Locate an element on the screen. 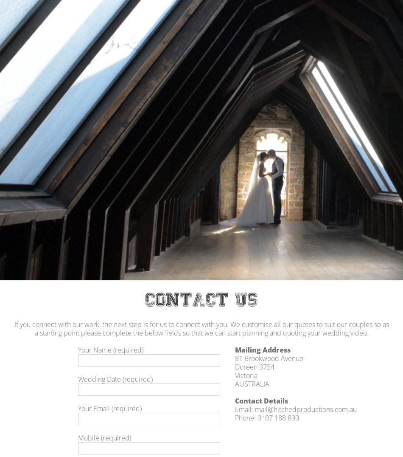  'Wedding Date (required)' is located at coordinates (115, 379).